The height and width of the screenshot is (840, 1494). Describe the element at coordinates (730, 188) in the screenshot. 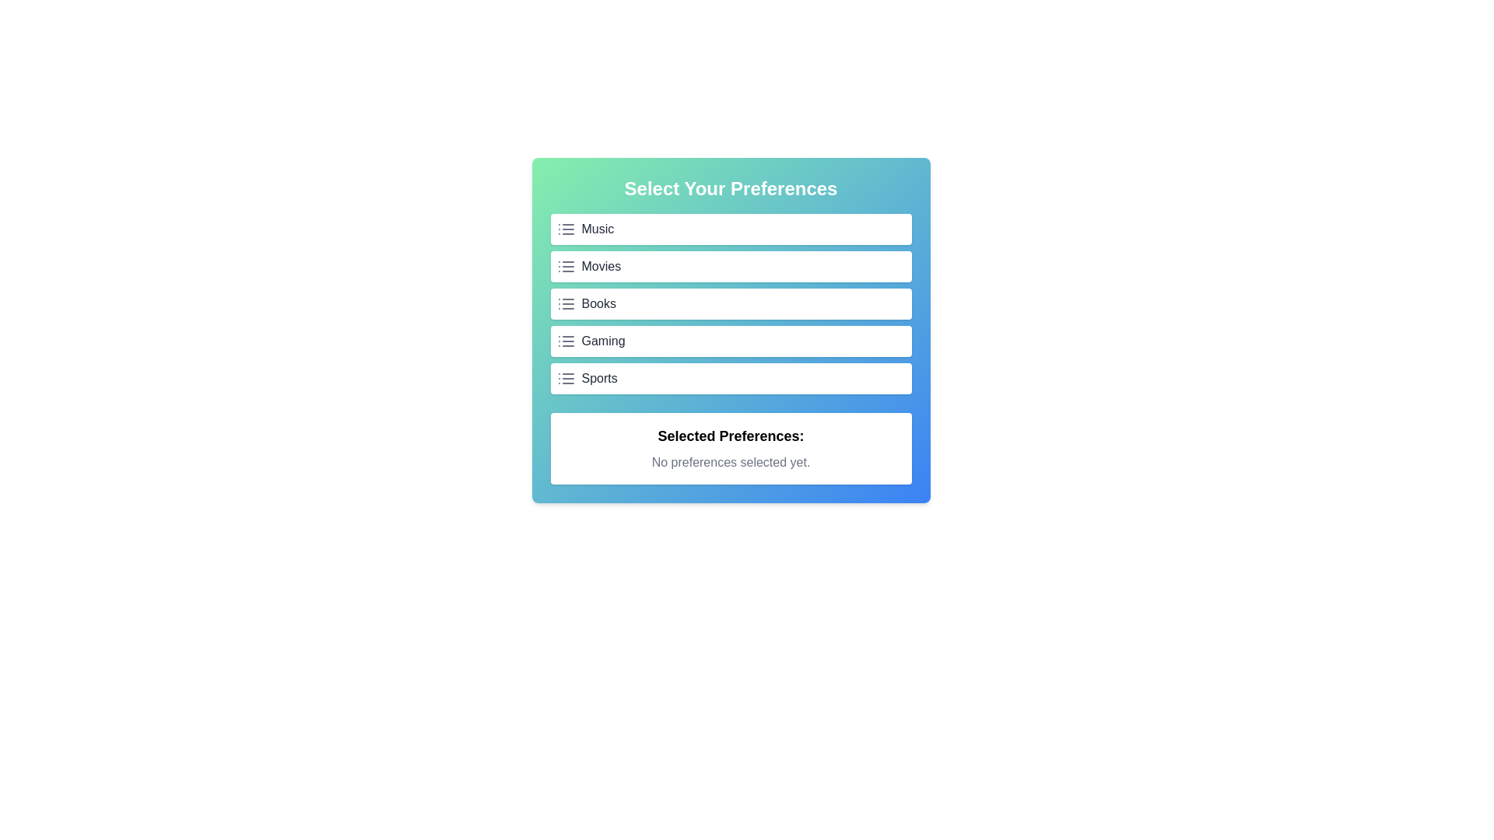

I see `the large, bold, white text that says 'Select Your Preferences' at the top of the gradient-colored panel` at that location.